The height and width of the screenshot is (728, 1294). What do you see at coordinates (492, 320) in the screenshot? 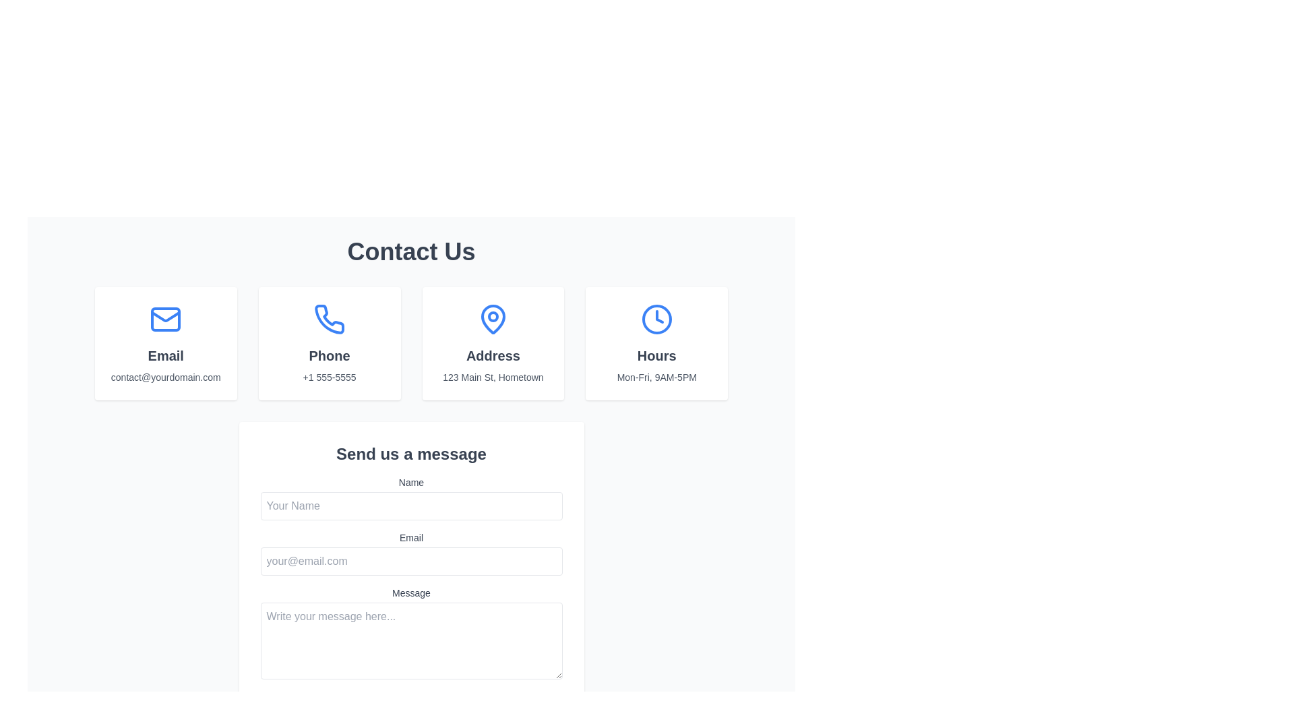
I see `the blue pin-shaped icon located in the 'Address' card, which is the third card under the 'Contact Us' heading` at bounding box center [492, 320].